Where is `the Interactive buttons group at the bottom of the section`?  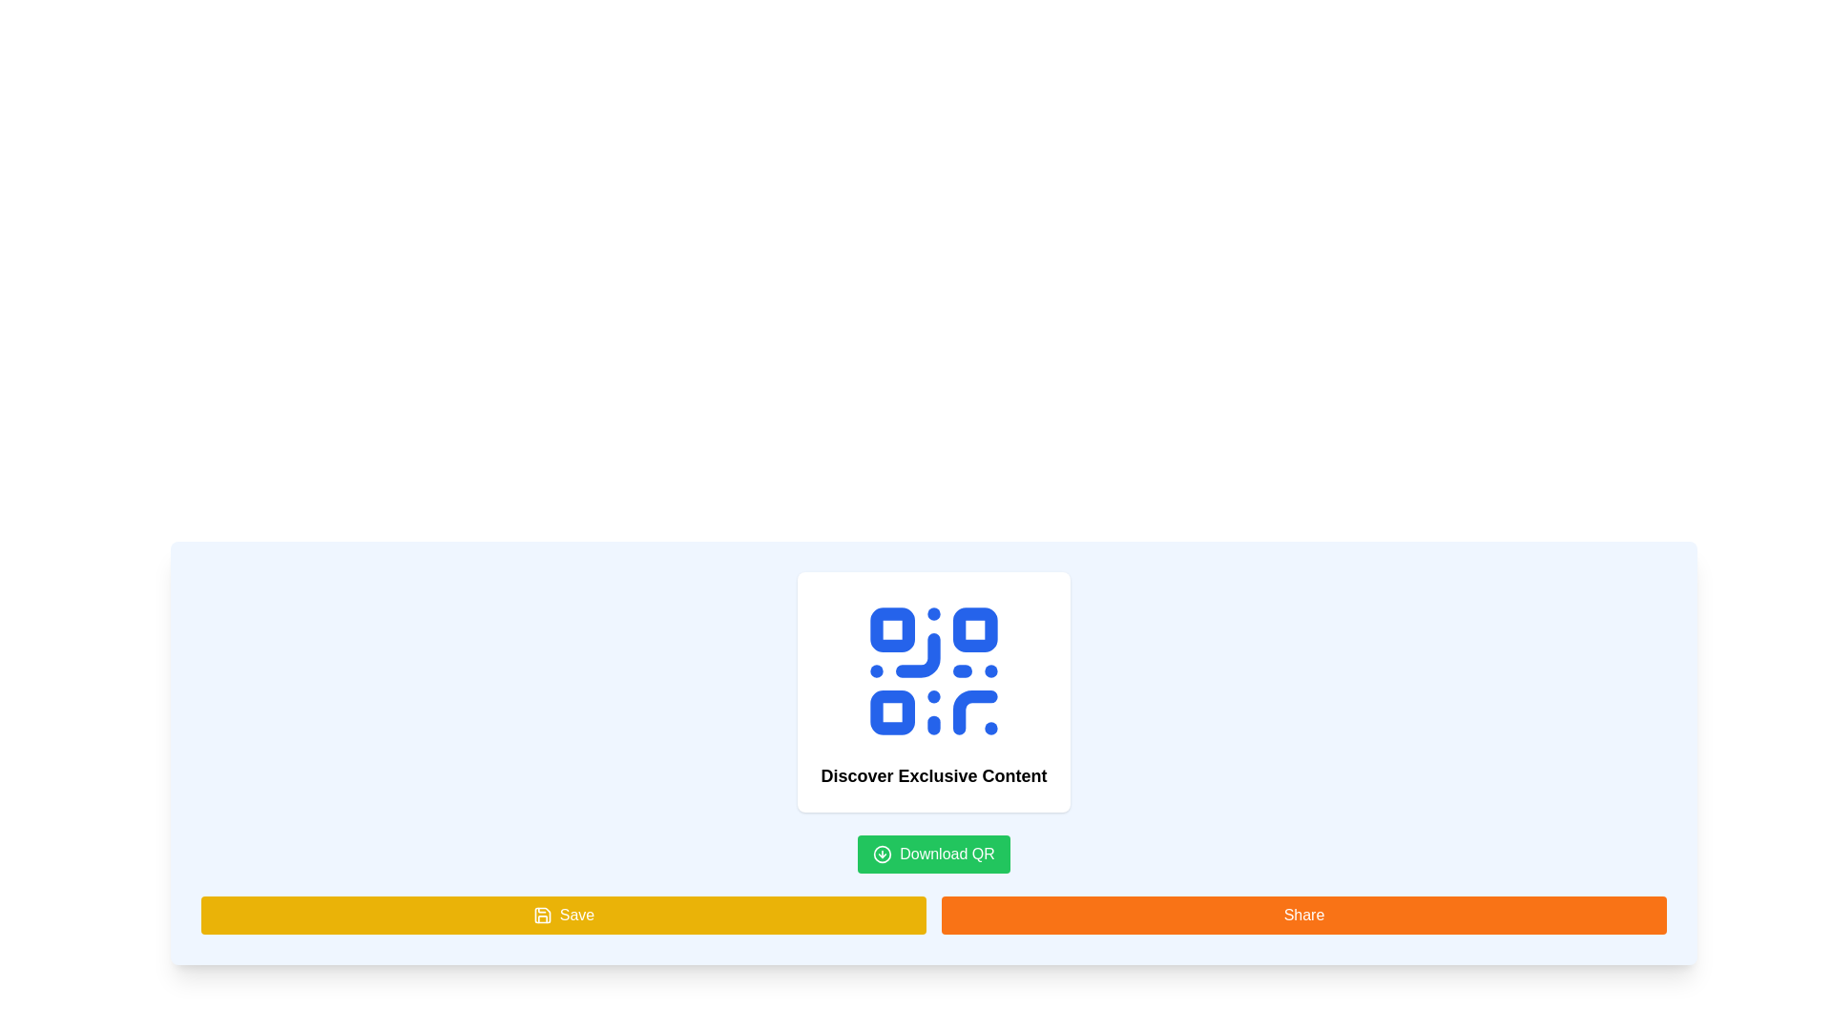 the Interactive buttons group at the bottom of the section is located at coordinates (934, 915).